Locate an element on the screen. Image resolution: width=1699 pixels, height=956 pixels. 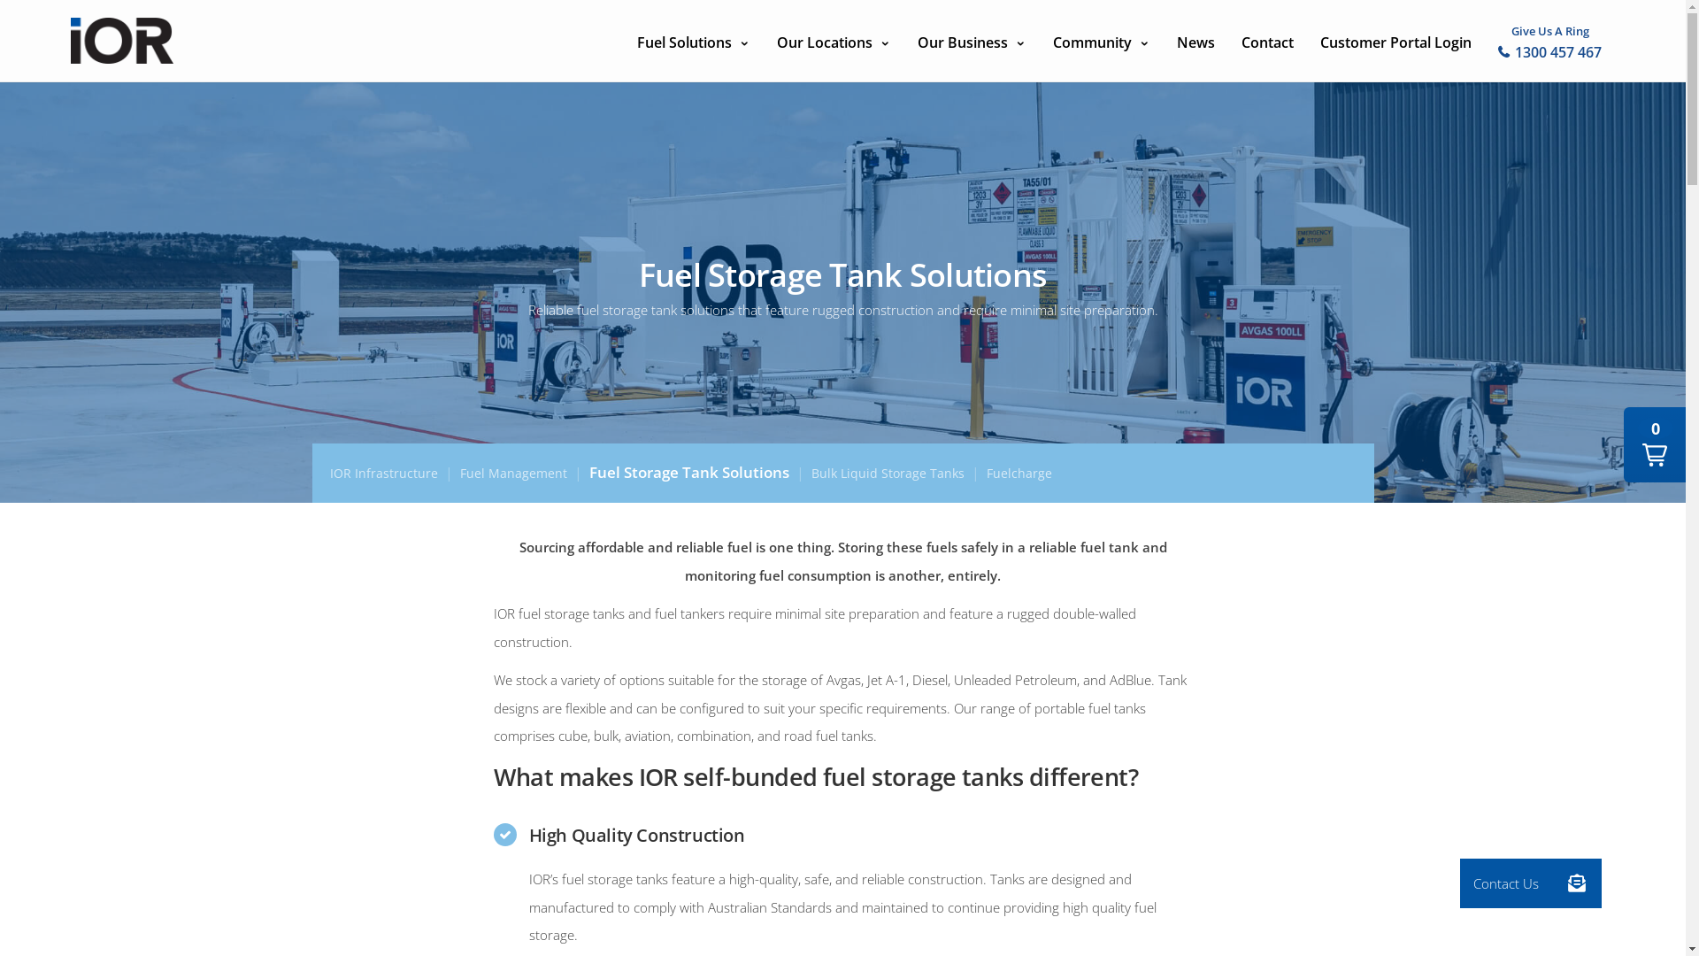
'Community' is located at coordinates (1100, 40).